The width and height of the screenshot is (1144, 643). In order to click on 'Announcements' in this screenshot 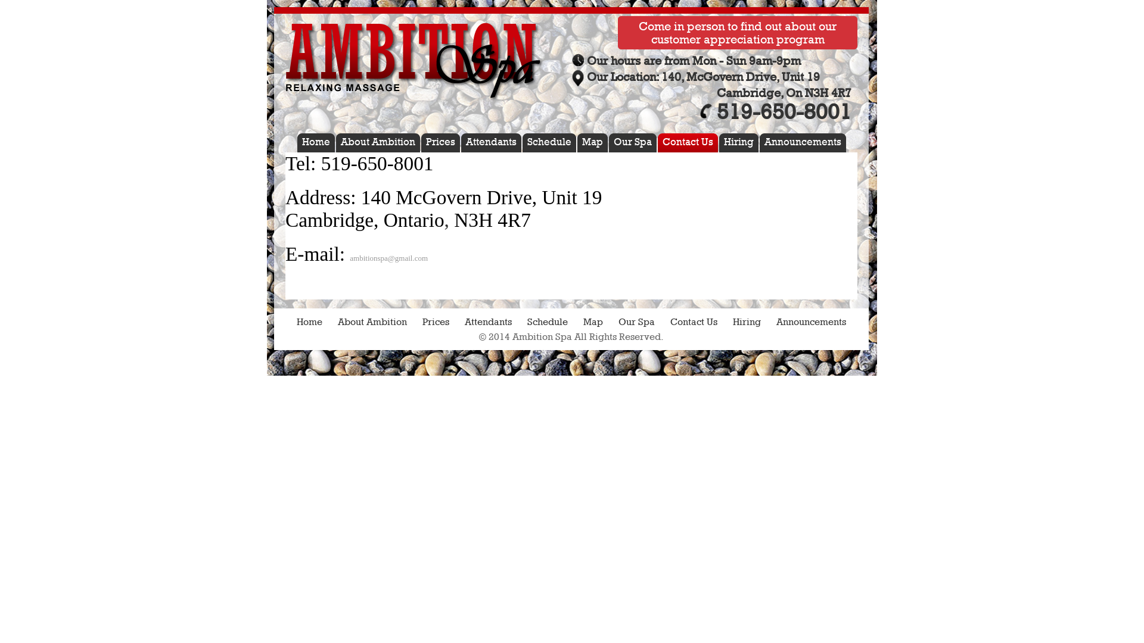, I will do `click(810, 321)`.